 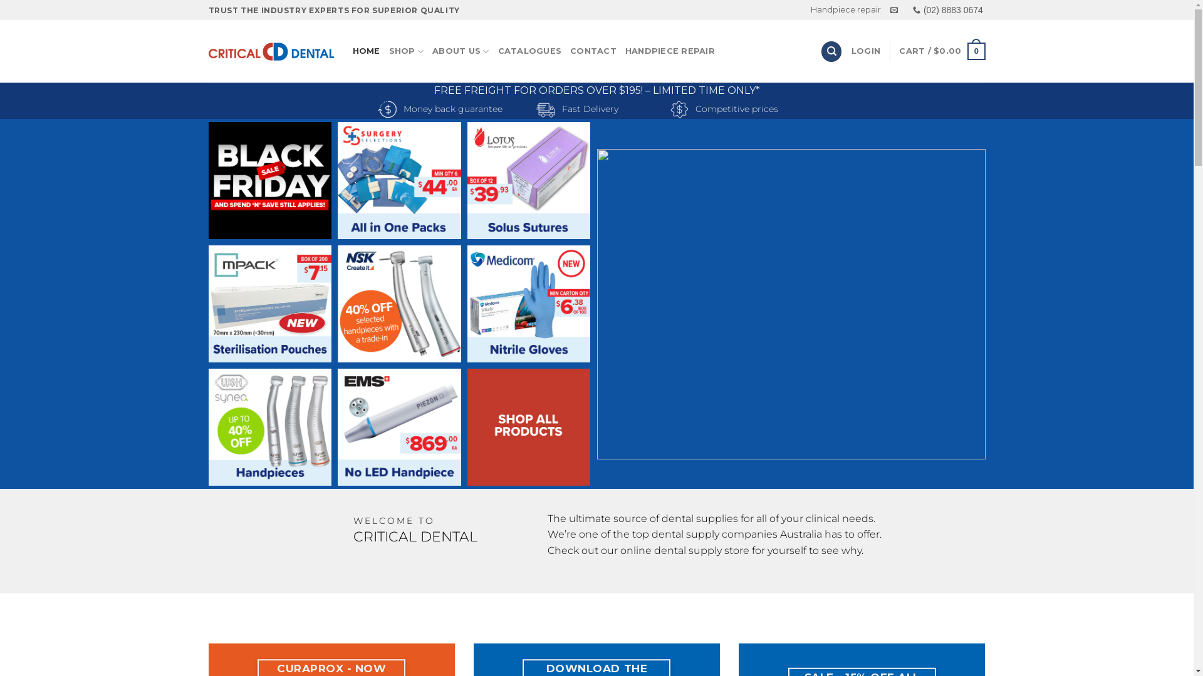 What do you see at coordinates (845, 9) in the screenshot?
I see `'Handpiece repair'` at bounding box center [845, 9].